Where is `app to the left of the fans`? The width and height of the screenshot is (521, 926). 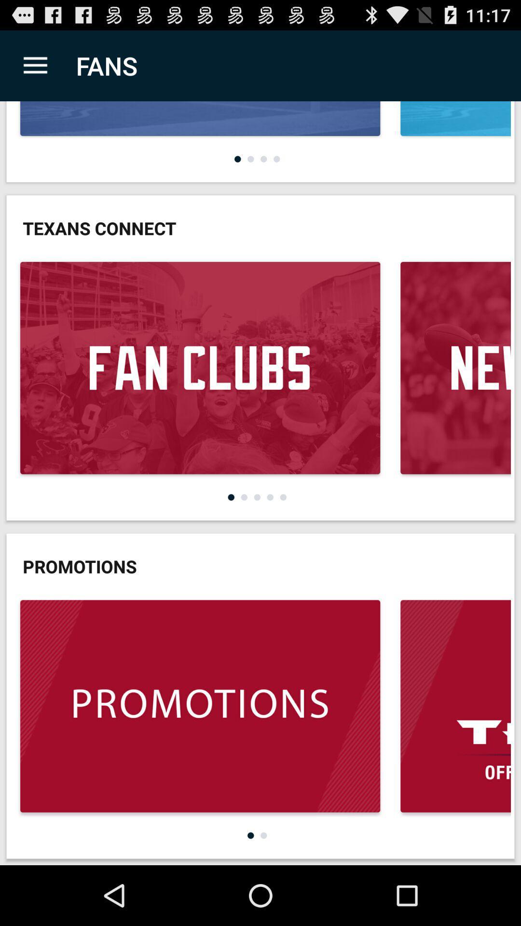
app to the left of the fans is located at coordinates (35, 65).